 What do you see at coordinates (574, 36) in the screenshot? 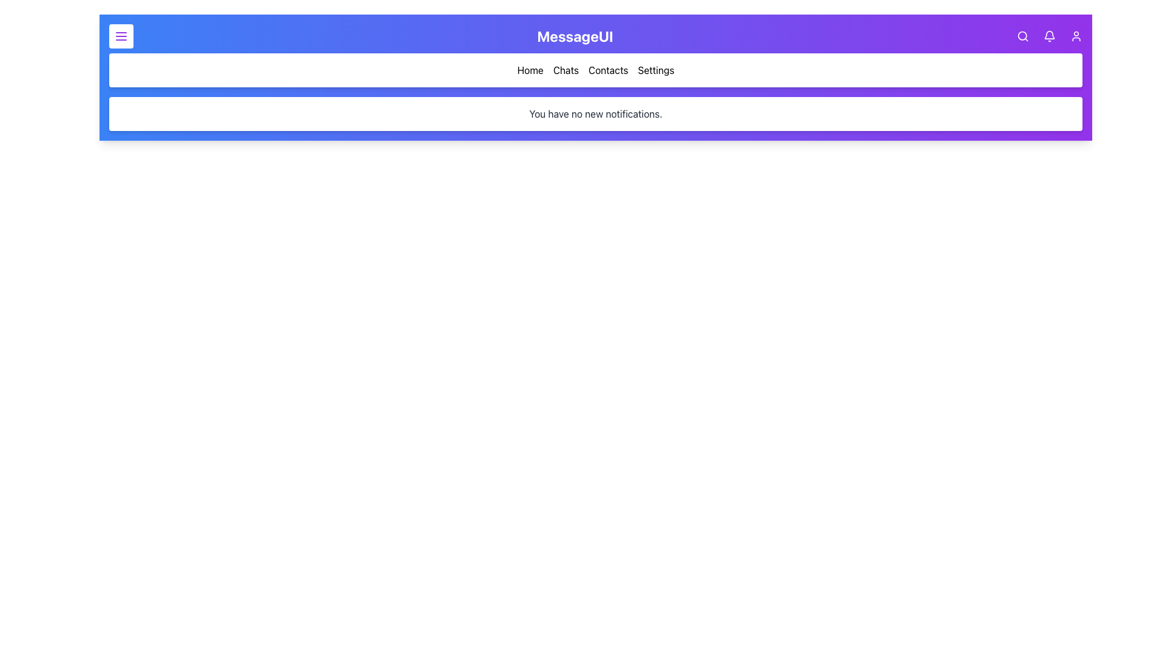
I see `the static text label in the header section of the application, which is the only text displayed in a large, bold font` at bounding box center [574, 36].